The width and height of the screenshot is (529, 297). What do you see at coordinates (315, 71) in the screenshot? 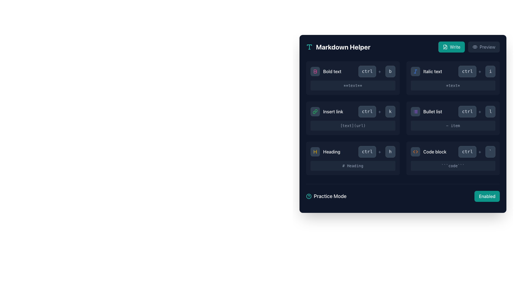
I see `the 'Bold text' icon located in the top-left corner of the Markdown Helper interface` at bounding box center [315, 71].